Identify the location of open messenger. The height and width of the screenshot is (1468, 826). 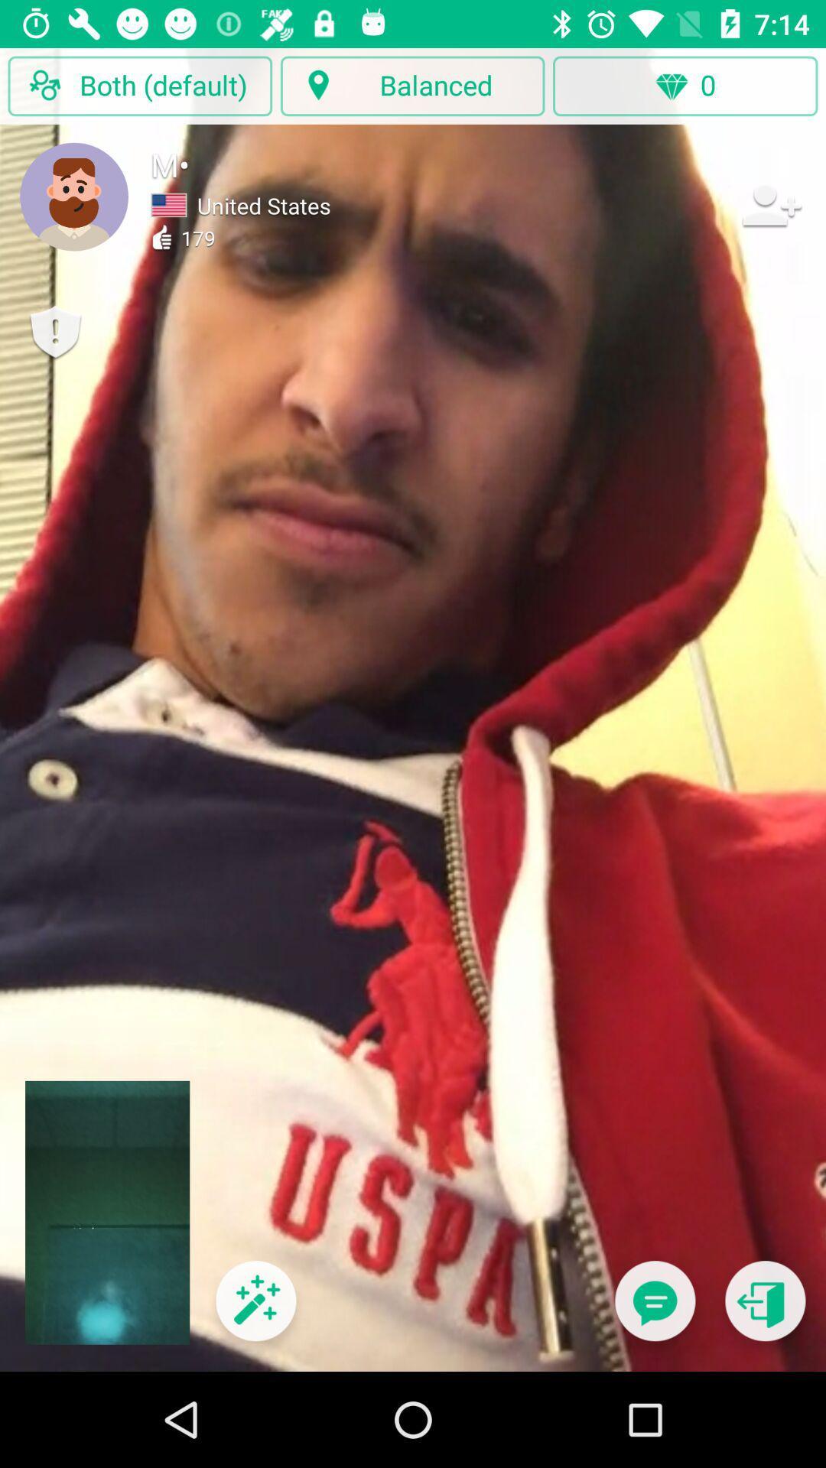
(654, 1310).